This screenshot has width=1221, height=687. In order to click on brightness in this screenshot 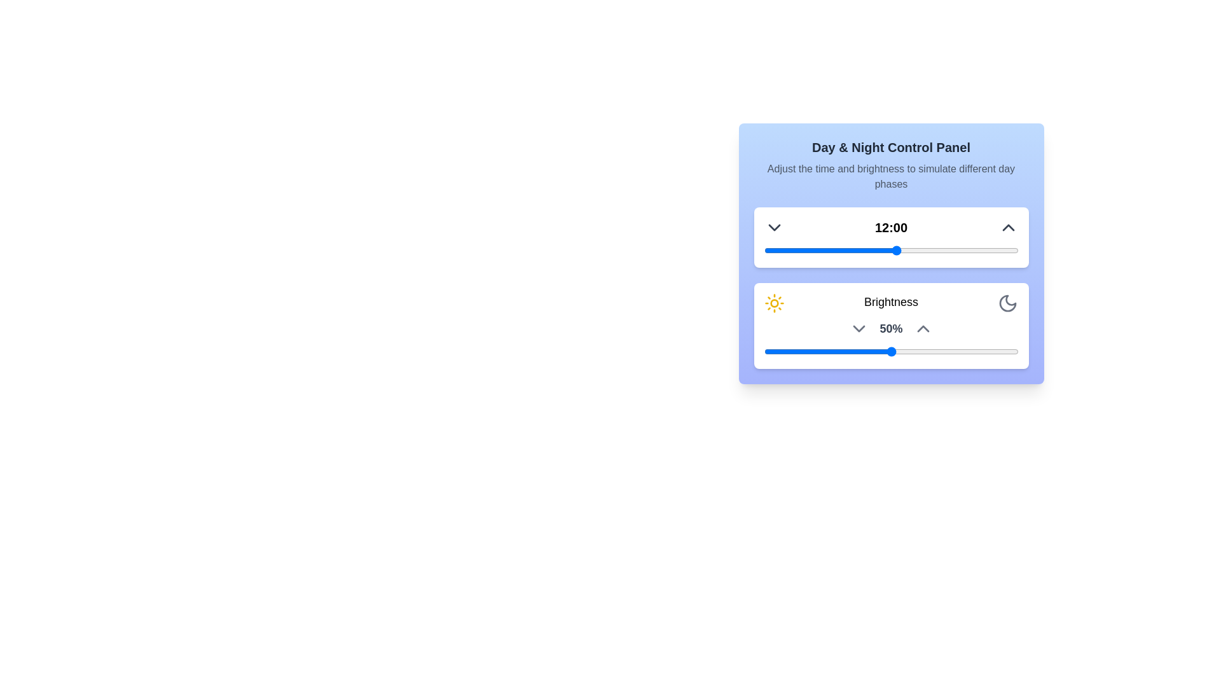, I will do `click(766, 351)`.